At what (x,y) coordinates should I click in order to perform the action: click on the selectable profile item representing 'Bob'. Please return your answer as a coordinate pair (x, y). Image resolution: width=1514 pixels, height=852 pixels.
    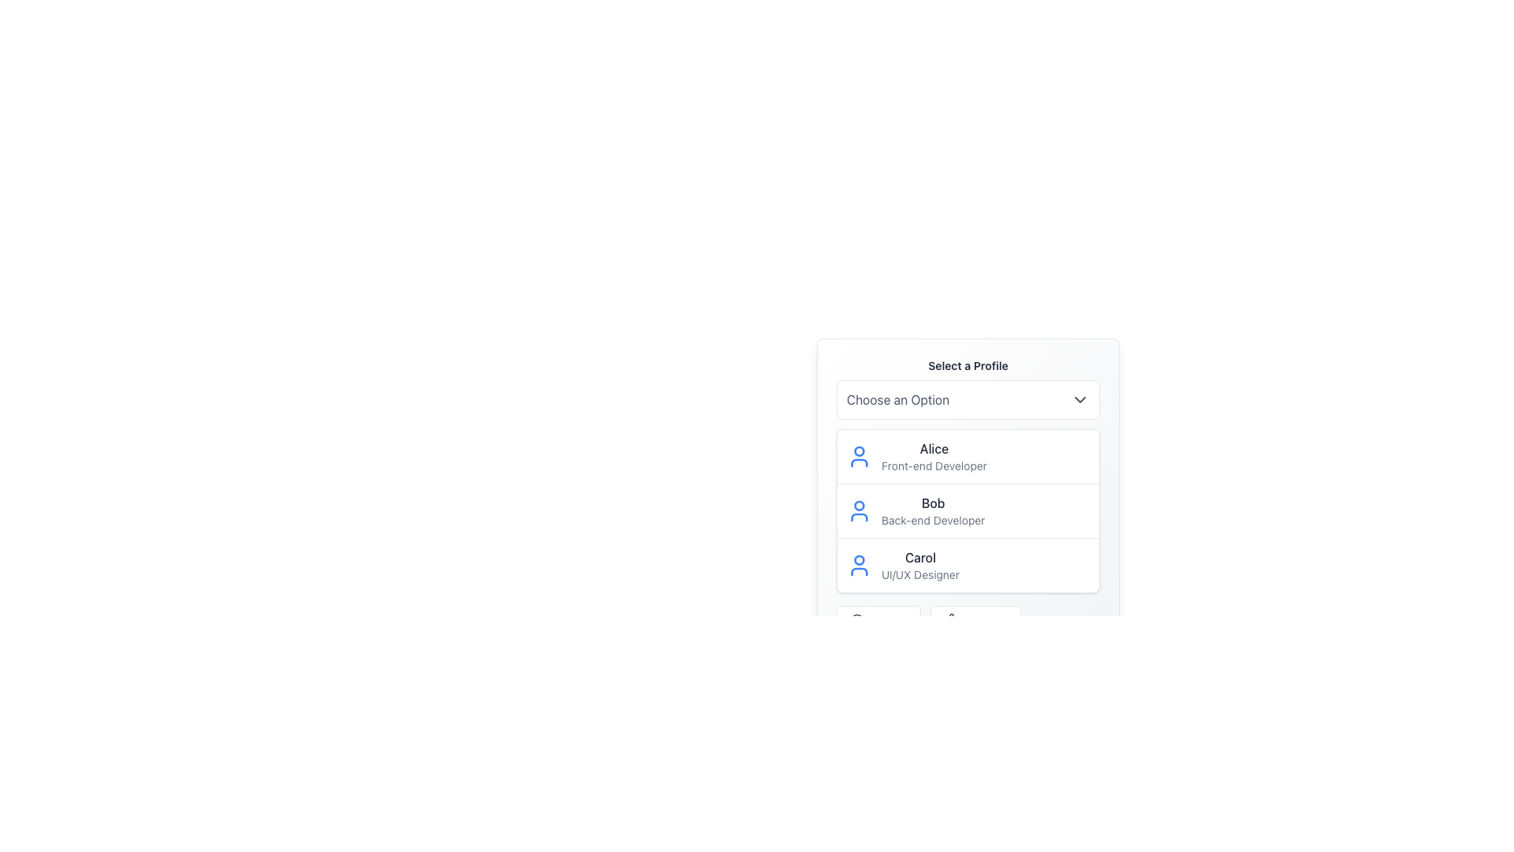
    Looking at the image, I should click on (968, 495).